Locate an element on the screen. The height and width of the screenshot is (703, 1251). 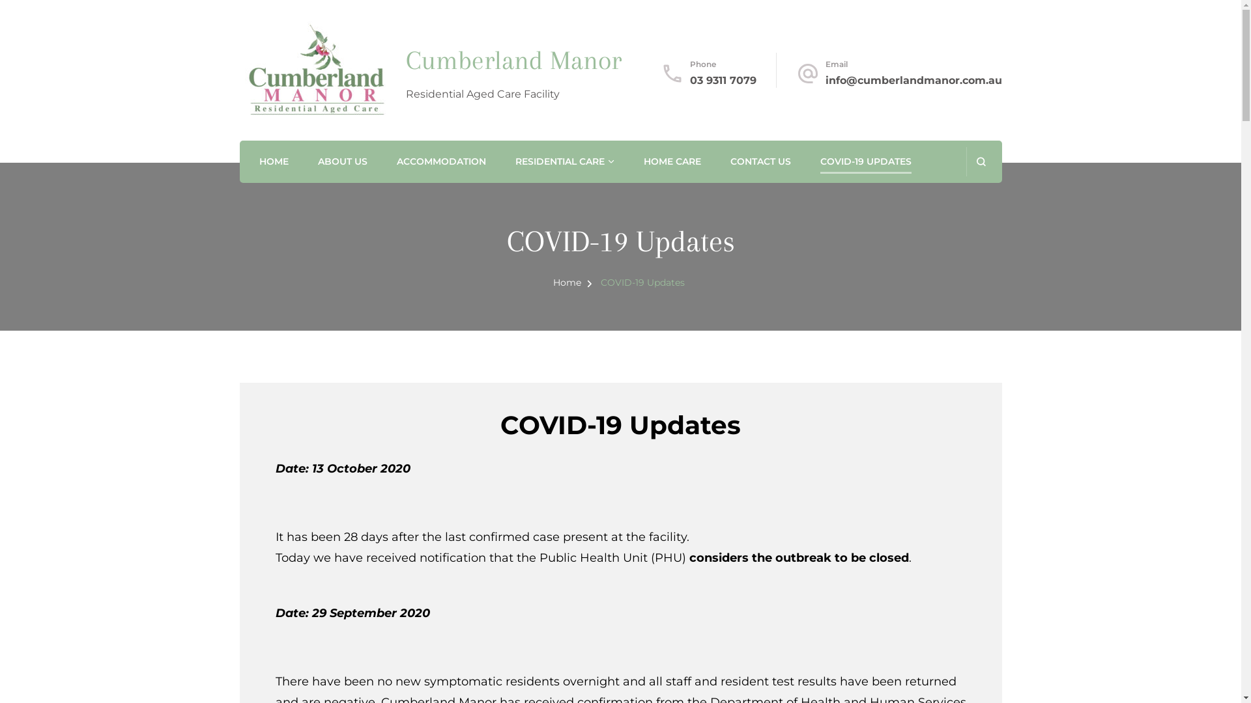
'ABOUT US' is located at coordinates (318, 162).